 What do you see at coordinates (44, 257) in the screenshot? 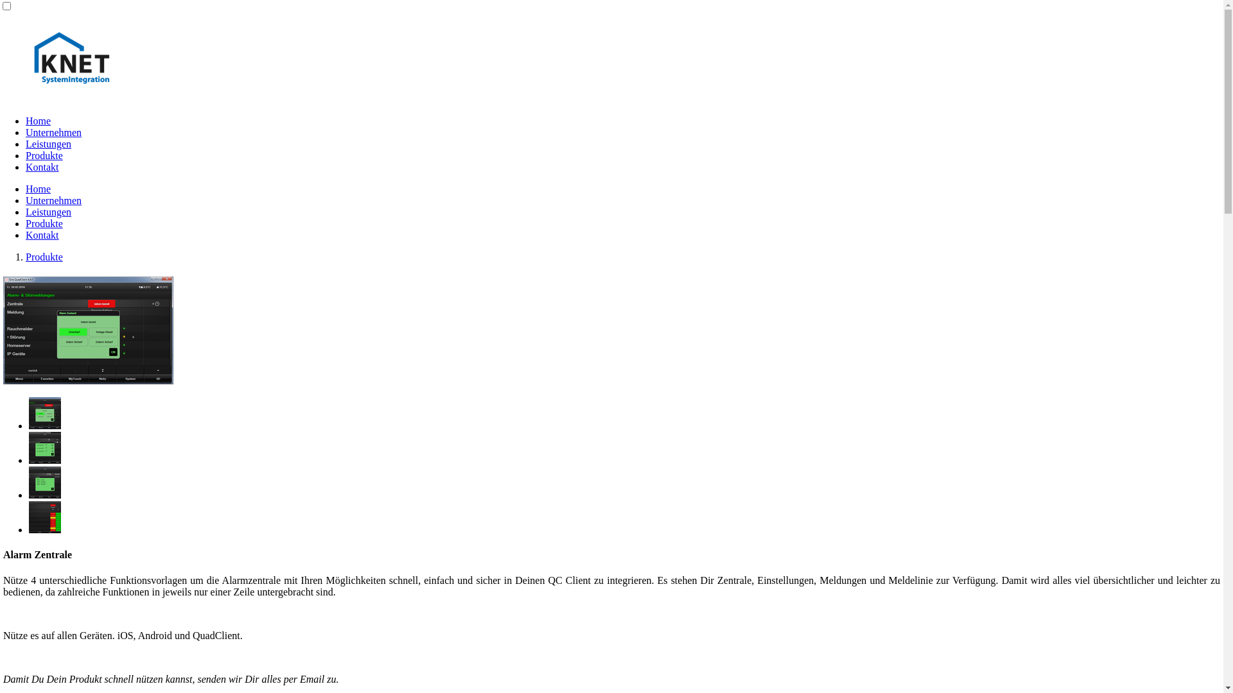
I see `'Produkte'` at bounding box center [44, 257].